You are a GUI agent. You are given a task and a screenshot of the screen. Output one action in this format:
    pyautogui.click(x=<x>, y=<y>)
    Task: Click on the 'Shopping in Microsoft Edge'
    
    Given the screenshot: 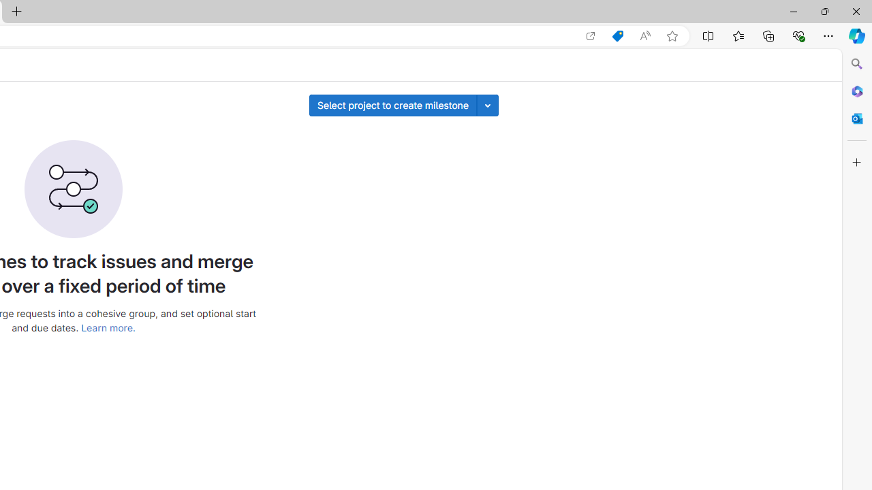 What is the action you would take?
    pyautogui.click(x=617, y=35)
    